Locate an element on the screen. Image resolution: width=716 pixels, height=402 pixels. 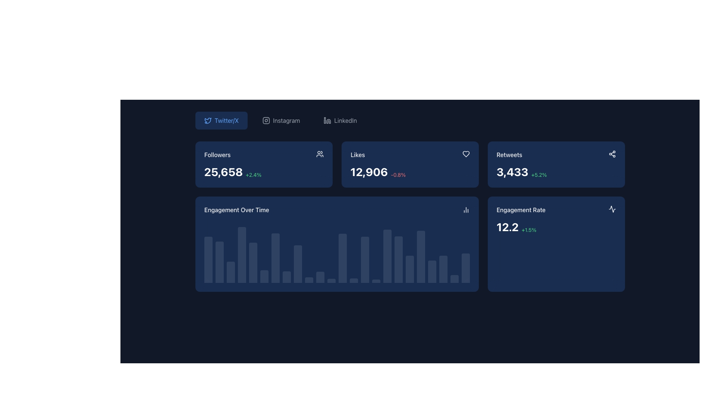
the Informational Card that displays engagement rate data, located at the bottom-right corner of the grid layout, positioned to the right of the 'Engagement Over Time' card and below the 'Retweets' card is located at coordinates (556, 244).